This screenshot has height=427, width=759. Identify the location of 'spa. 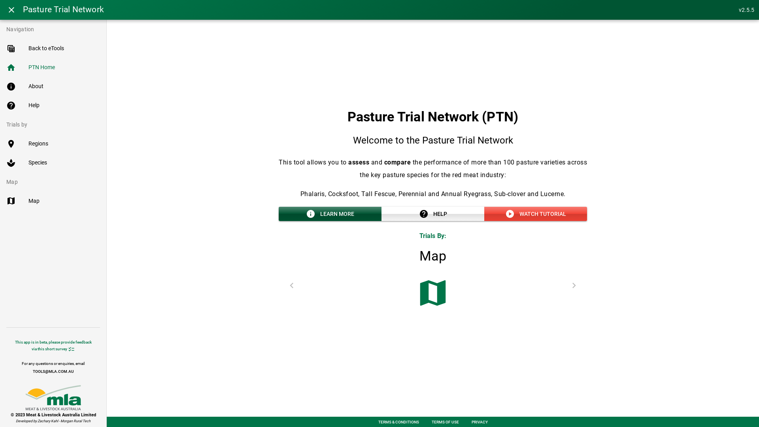
(53, 162).